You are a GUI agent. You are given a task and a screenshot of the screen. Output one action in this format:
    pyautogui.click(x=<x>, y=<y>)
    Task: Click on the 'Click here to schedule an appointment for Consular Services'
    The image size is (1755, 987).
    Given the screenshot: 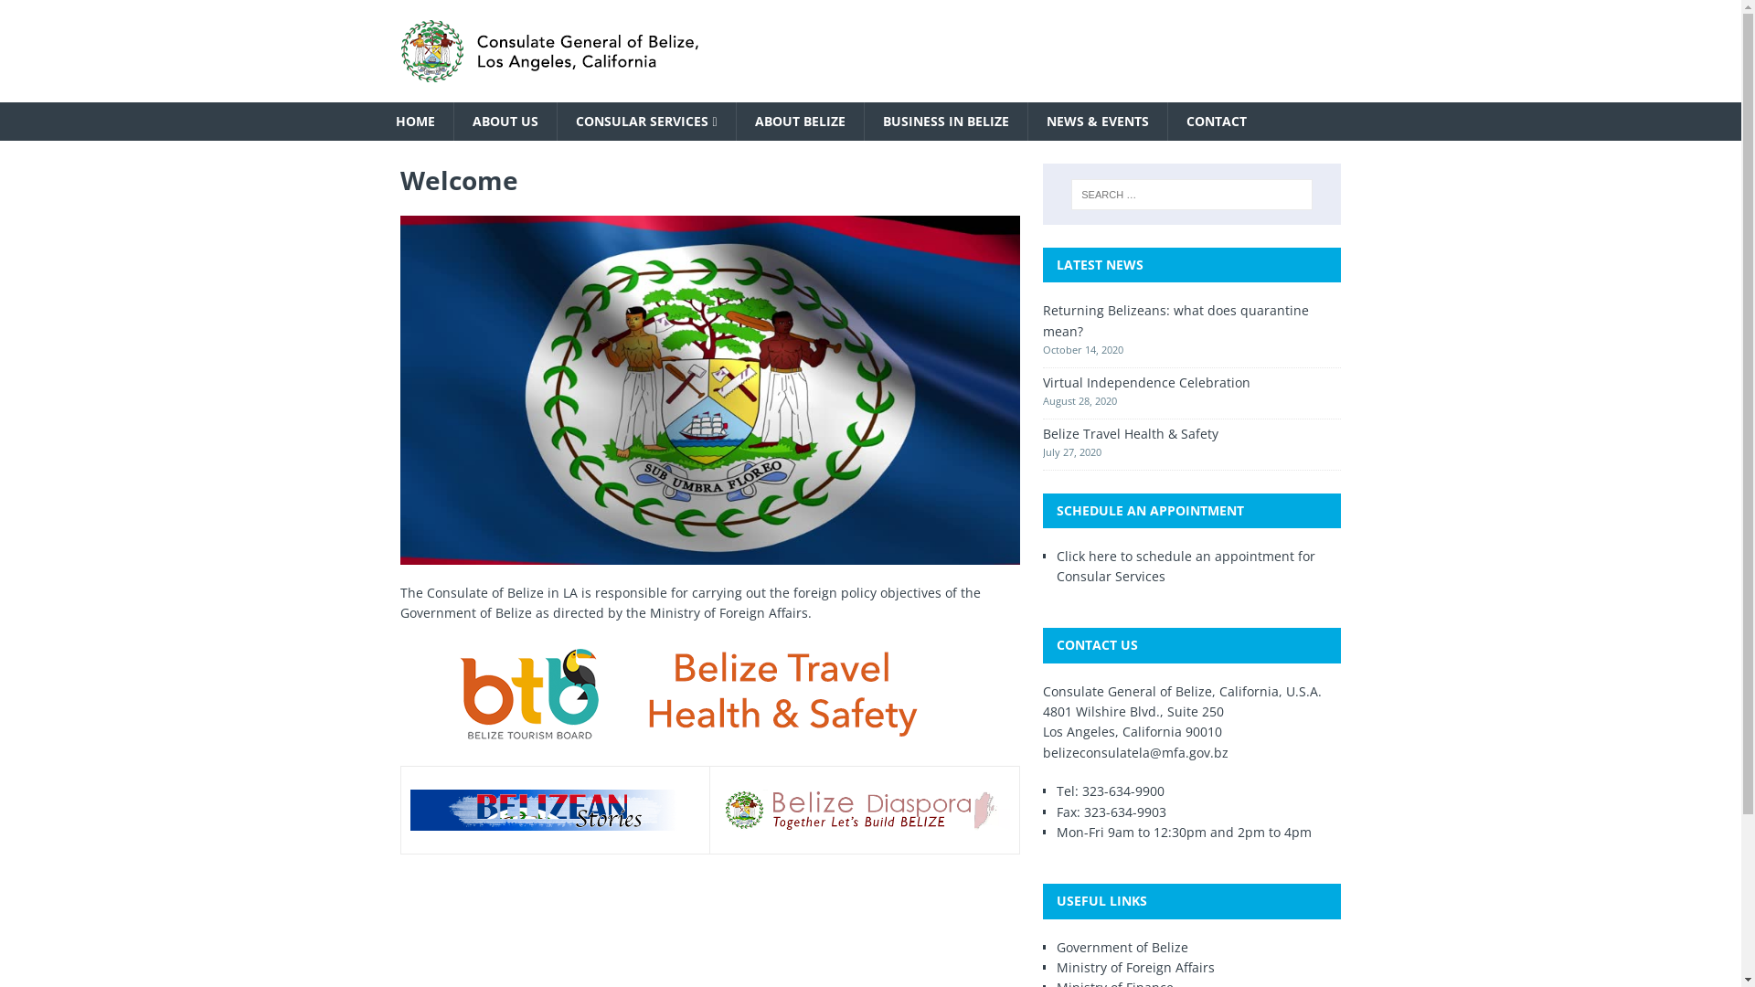 What is the action you would take?
    pyautogui.click(x=1186, y=565)
    